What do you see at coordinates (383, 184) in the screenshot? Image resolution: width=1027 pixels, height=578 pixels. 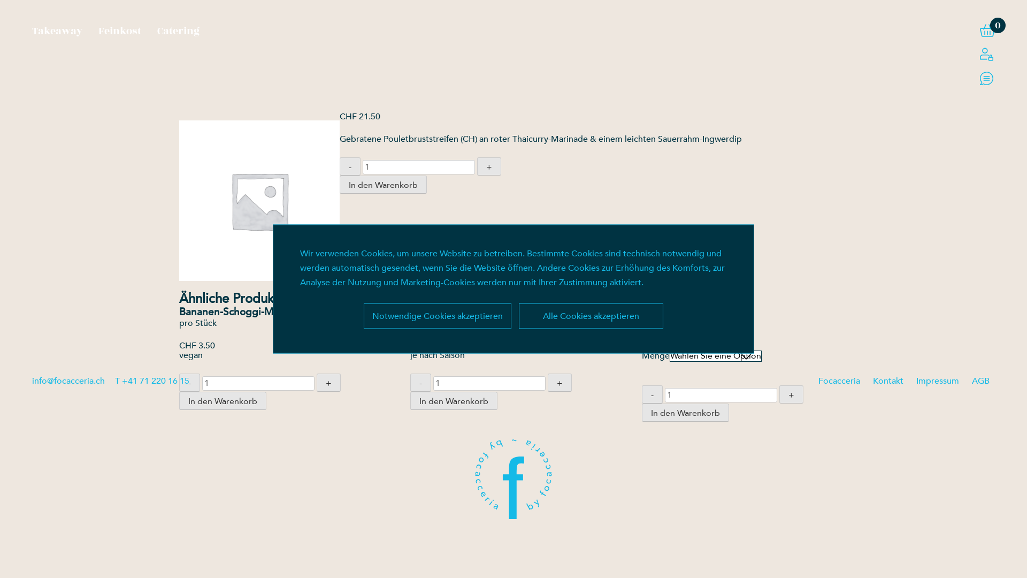 I see `'In den Warenkorb'` at bounding box center [383, 184].